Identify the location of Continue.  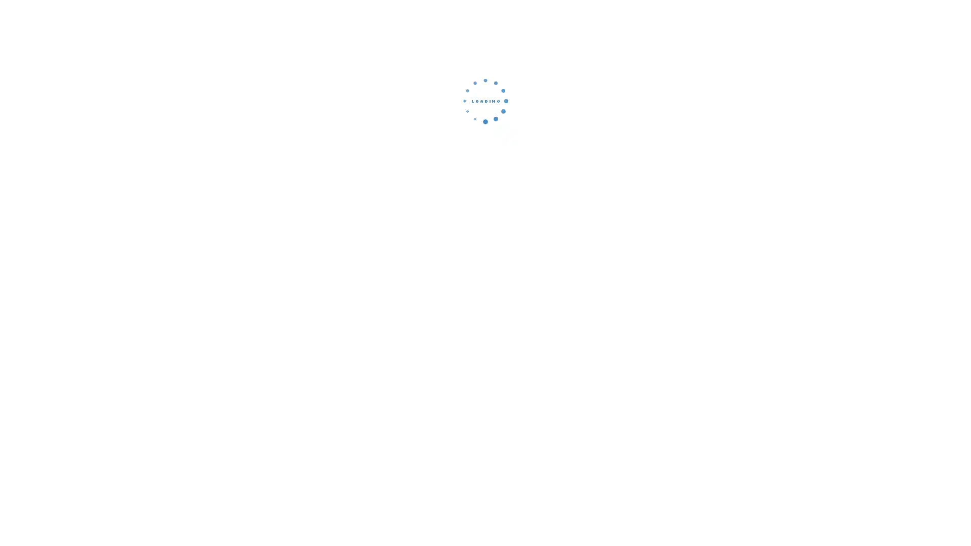
(485, 169).